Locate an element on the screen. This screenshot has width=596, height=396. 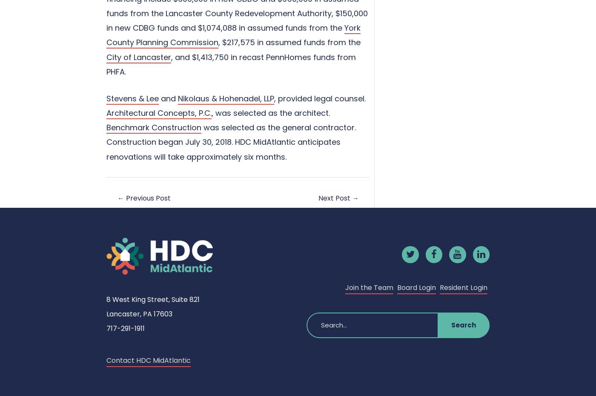
'Nikolaus & Hohenadel, LLP' is located at coordinates (226, 98).